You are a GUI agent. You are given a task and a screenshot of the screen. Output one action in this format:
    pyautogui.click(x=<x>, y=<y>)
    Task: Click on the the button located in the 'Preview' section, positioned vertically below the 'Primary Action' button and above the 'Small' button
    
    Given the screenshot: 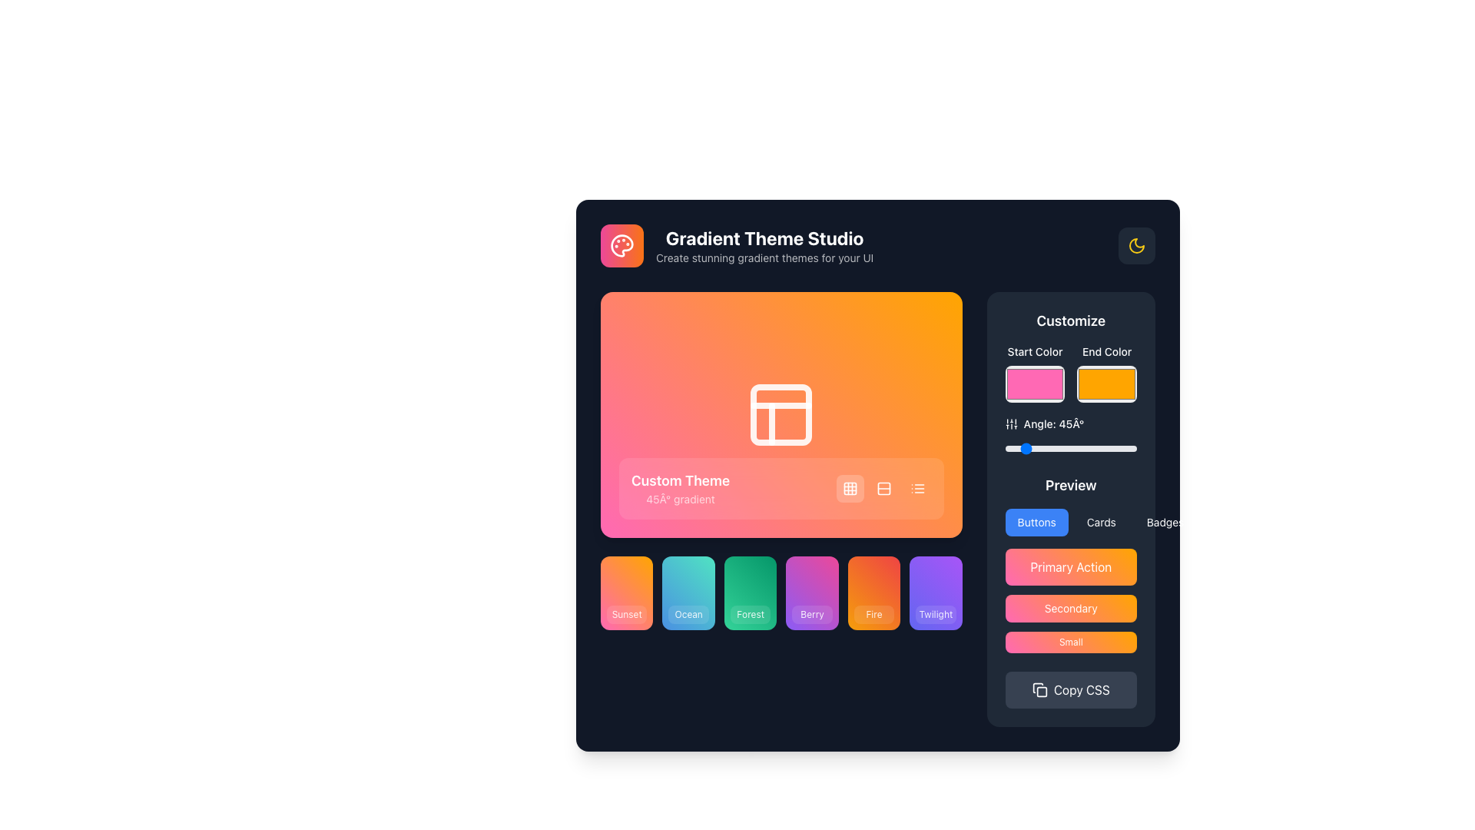 What is the action you would take?
    pyautogui.click(x=1070, y=600)
    